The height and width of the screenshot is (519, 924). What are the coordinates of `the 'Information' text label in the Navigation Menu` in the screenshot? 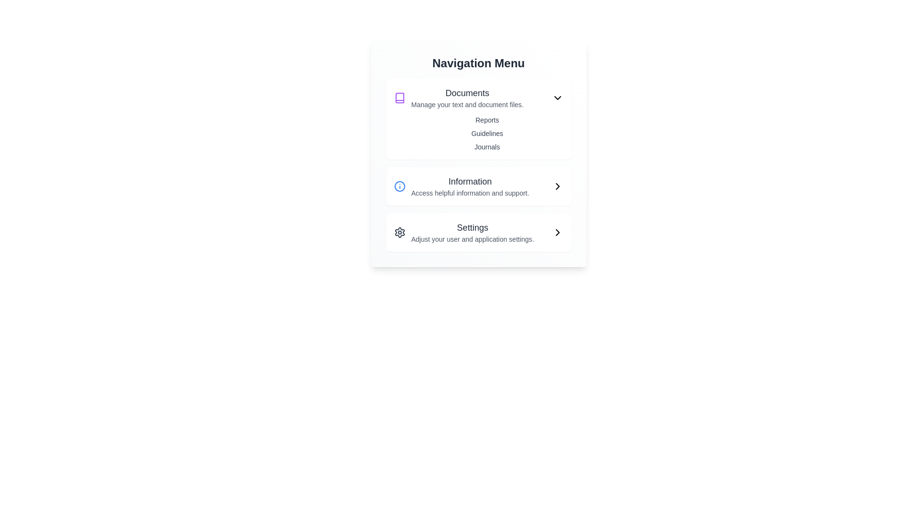 It's located at (470, 186).